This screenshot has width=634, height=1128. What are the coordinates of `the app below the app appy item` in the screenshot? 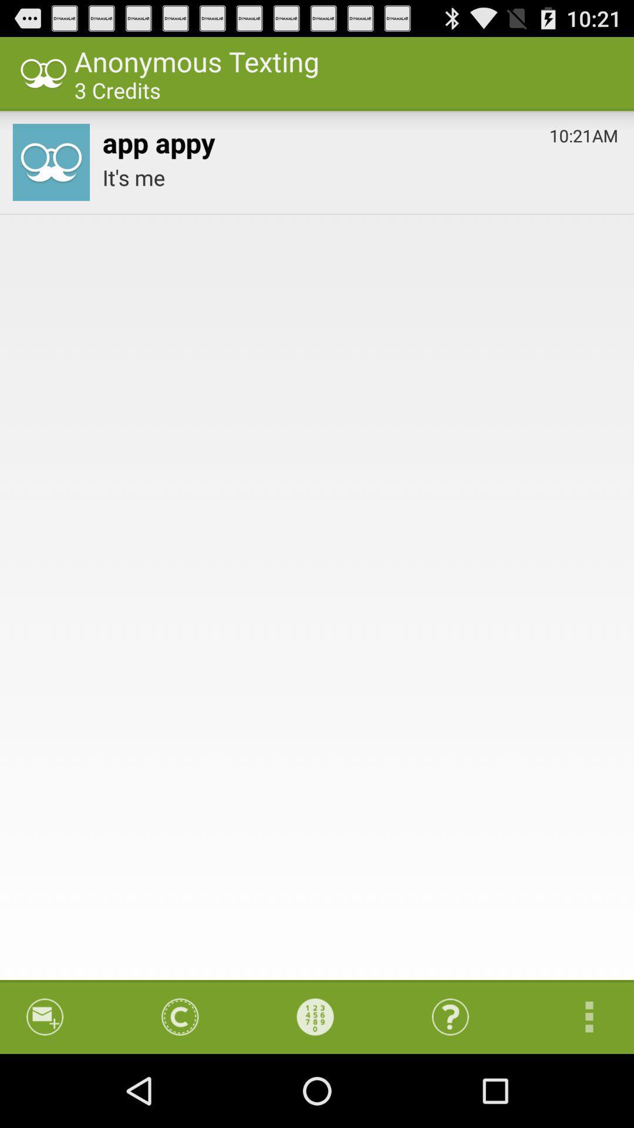 It's located at (359, 177).